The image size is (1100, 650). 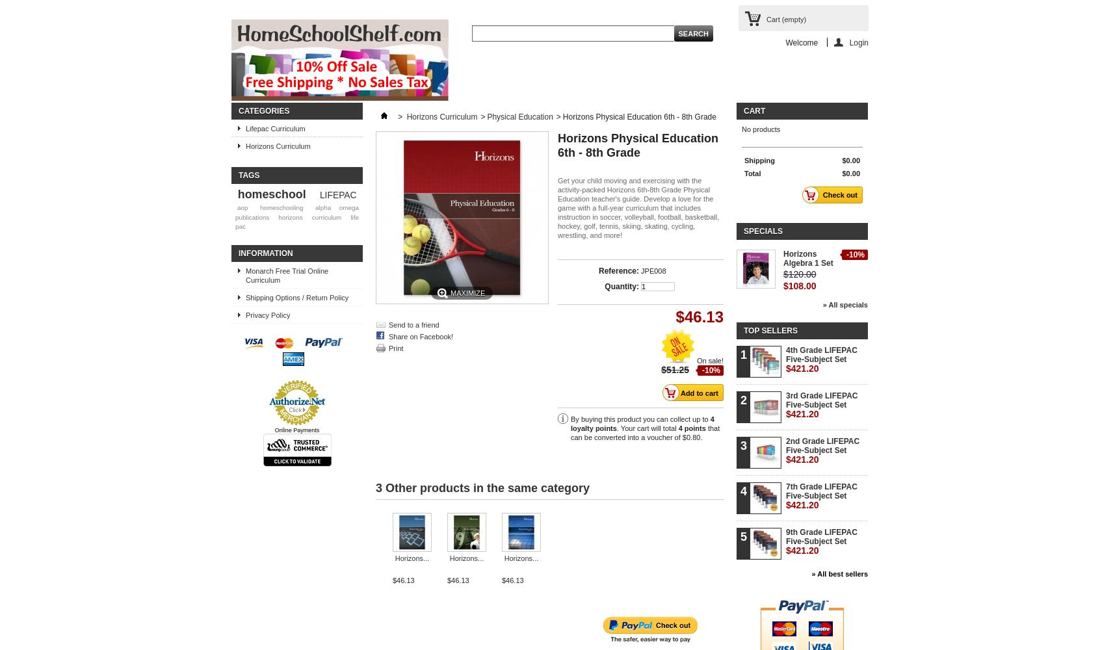 I want to click on 'aop', so click(x=242, y=206).